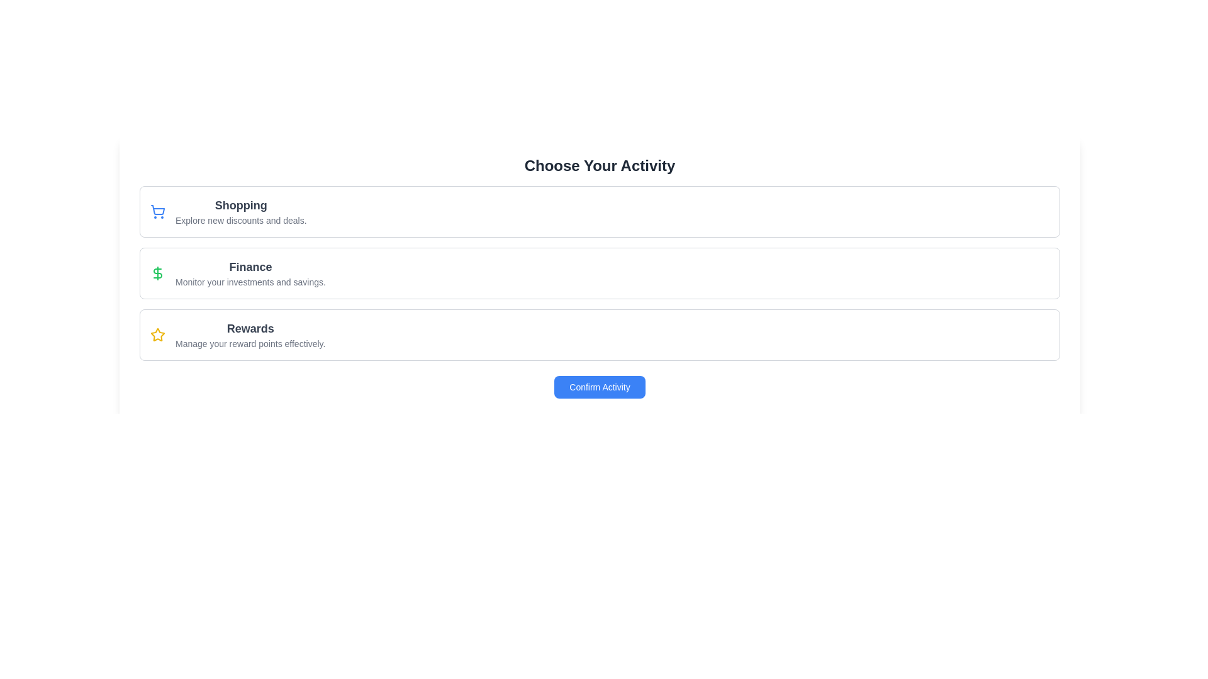 The width and height of the screenshot is (1208, 679). I want to click on the blue shopping cart icon located at the left edge of the 'Shopping' option in the 'Choose Your Activity' list, so click(157, 211).